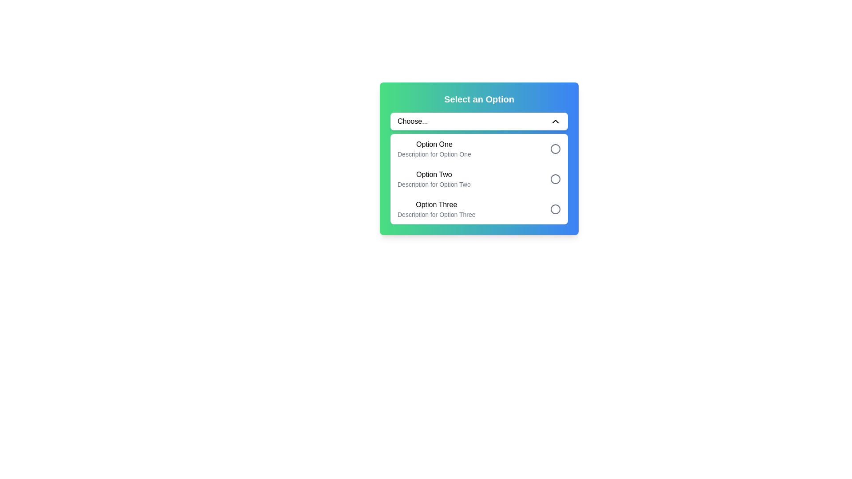 This screenshot has width=852, height=479. Describe the element at coordinates (479, 99) in the screenshot. I see `the text component reading 'Select an Option', which is styled in white, bold, and large text, located at the top center of a card with a gradient background transitioning from green to blue` at that location.